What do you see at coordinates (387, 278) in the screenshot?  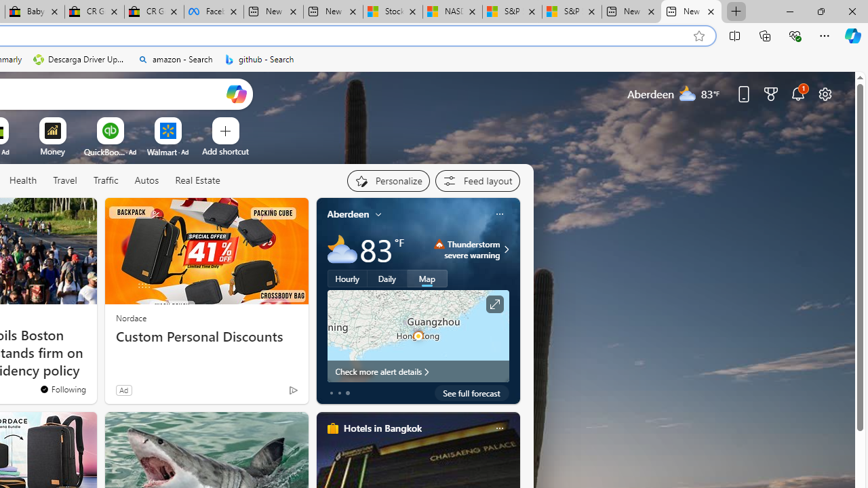 I see `'Daily'` at bounding box center [387, 278].